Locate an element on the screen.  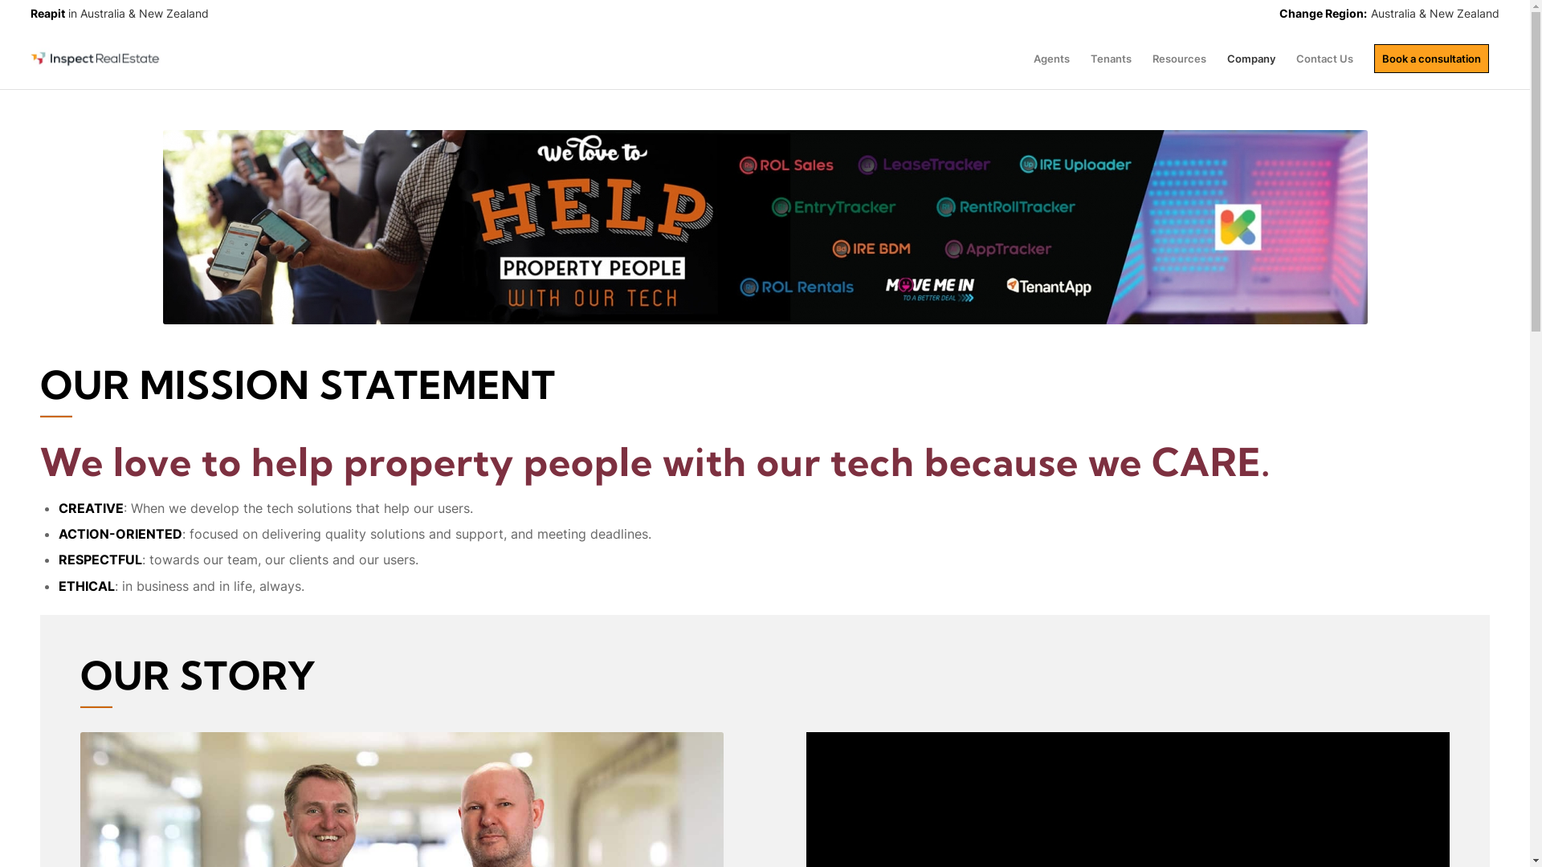
'Book a consultation' is located at coordinates (1431, 58).